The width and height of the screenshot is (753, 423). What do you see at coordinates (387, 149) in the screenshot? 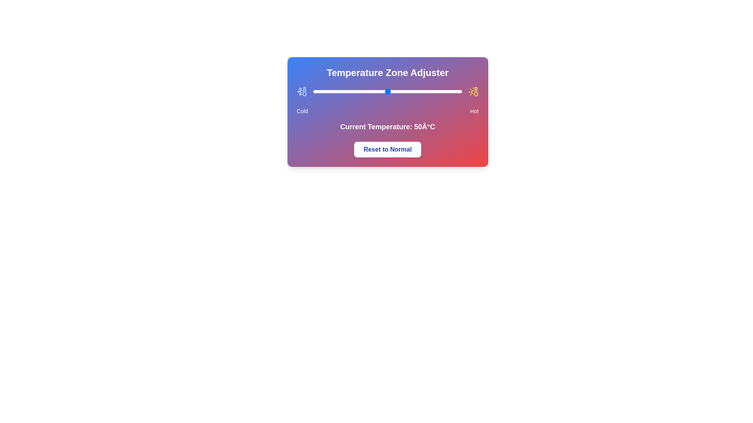
I see `'Reset to Normal' button to reset the temperature to its default value` at bounding box center [387, 149].